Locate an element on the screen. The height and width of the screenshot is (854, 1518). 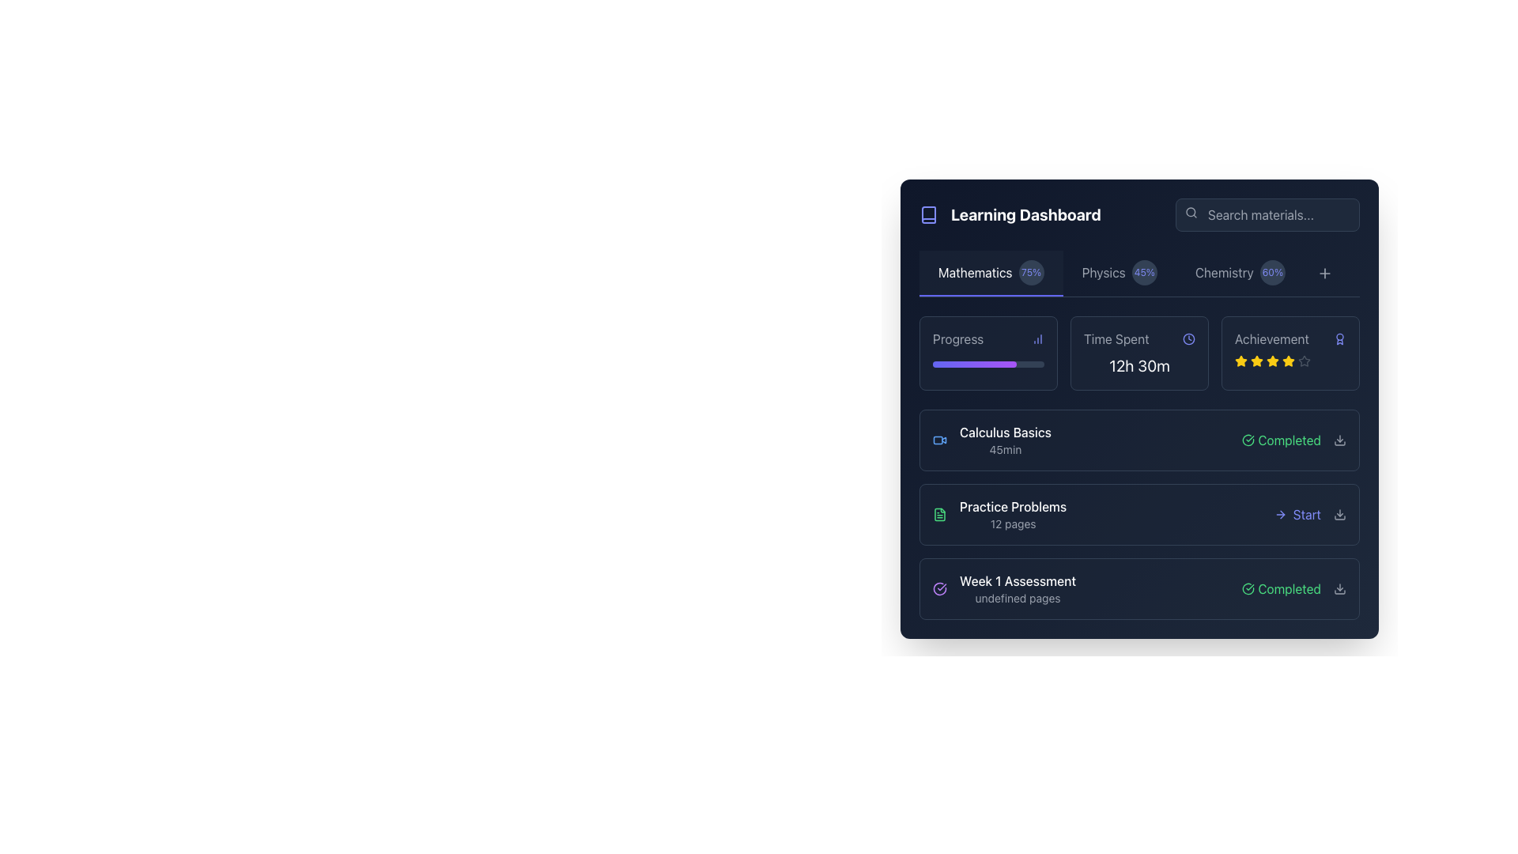
the Circular progress indicator displaying '75%' for the 'Mathematics' status to engage with related components is located at coordinates (1031, 271).